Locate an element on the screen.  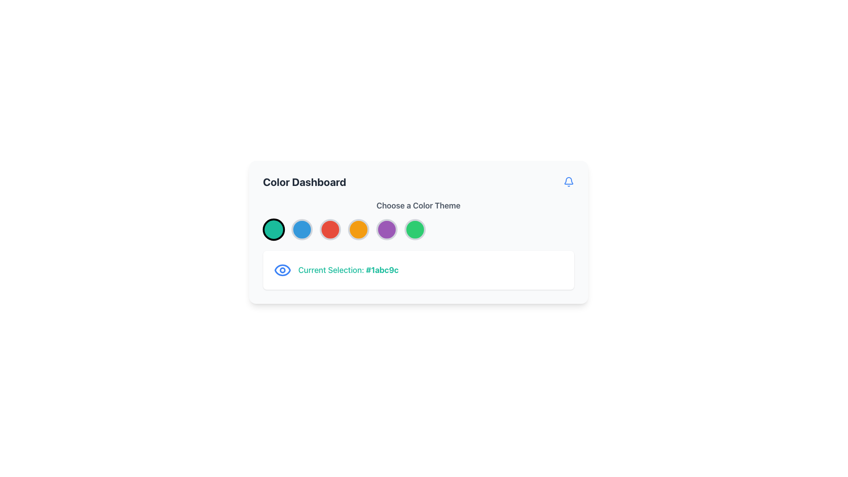
the circular interactive button with a red background and grayish border, which is the third button in a sequence of six under the 'Choose a Color Theme' label is located at coordinates (329, 229).